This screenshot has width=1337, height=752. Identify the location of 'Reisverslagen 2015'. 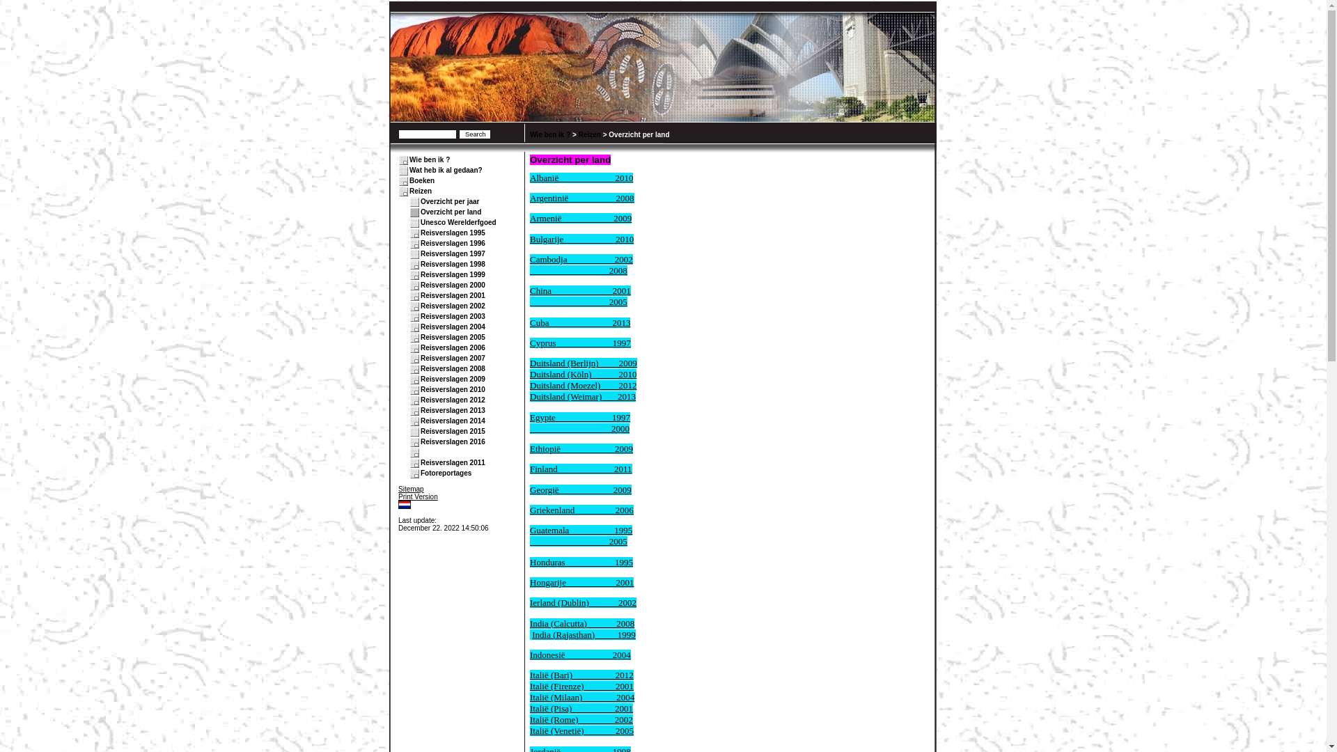
(420, 430).